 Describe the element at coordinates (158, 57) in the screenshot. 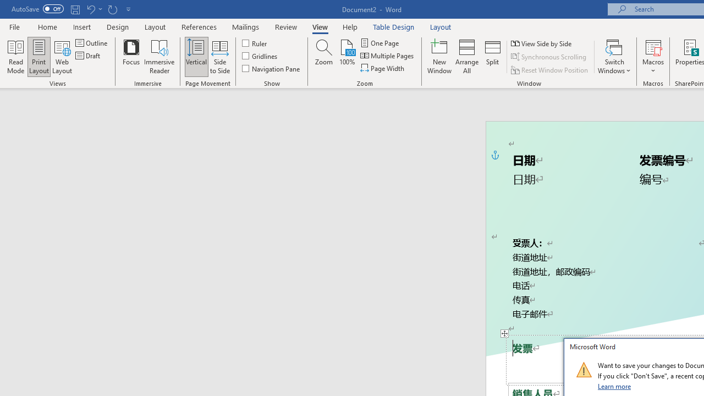

I see `'Immersive Reader'` at that location.